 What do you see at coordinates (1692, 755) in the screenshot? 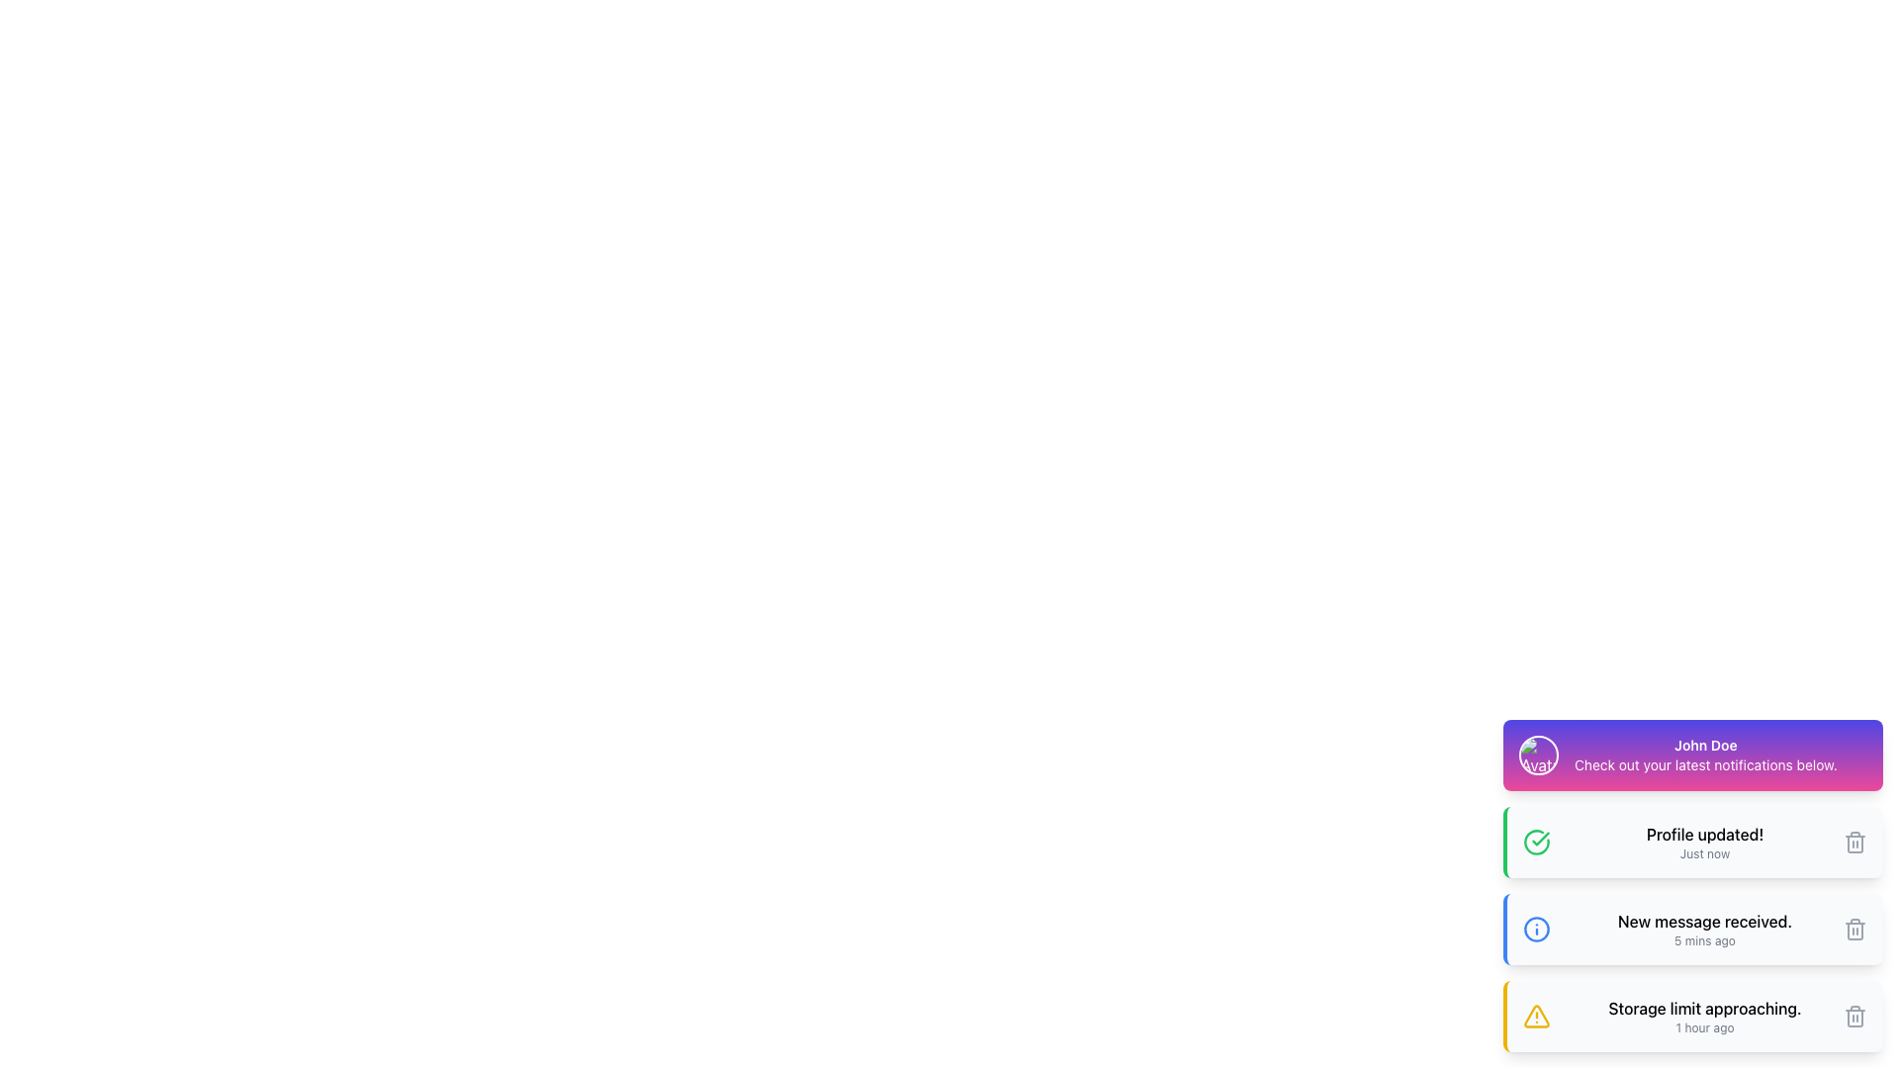
I see `the notification banner displaying 'John Doe' and 'Check out your latest notifications below.' with a gradient background from indigo to pink` at bounding box center [1692, 755].